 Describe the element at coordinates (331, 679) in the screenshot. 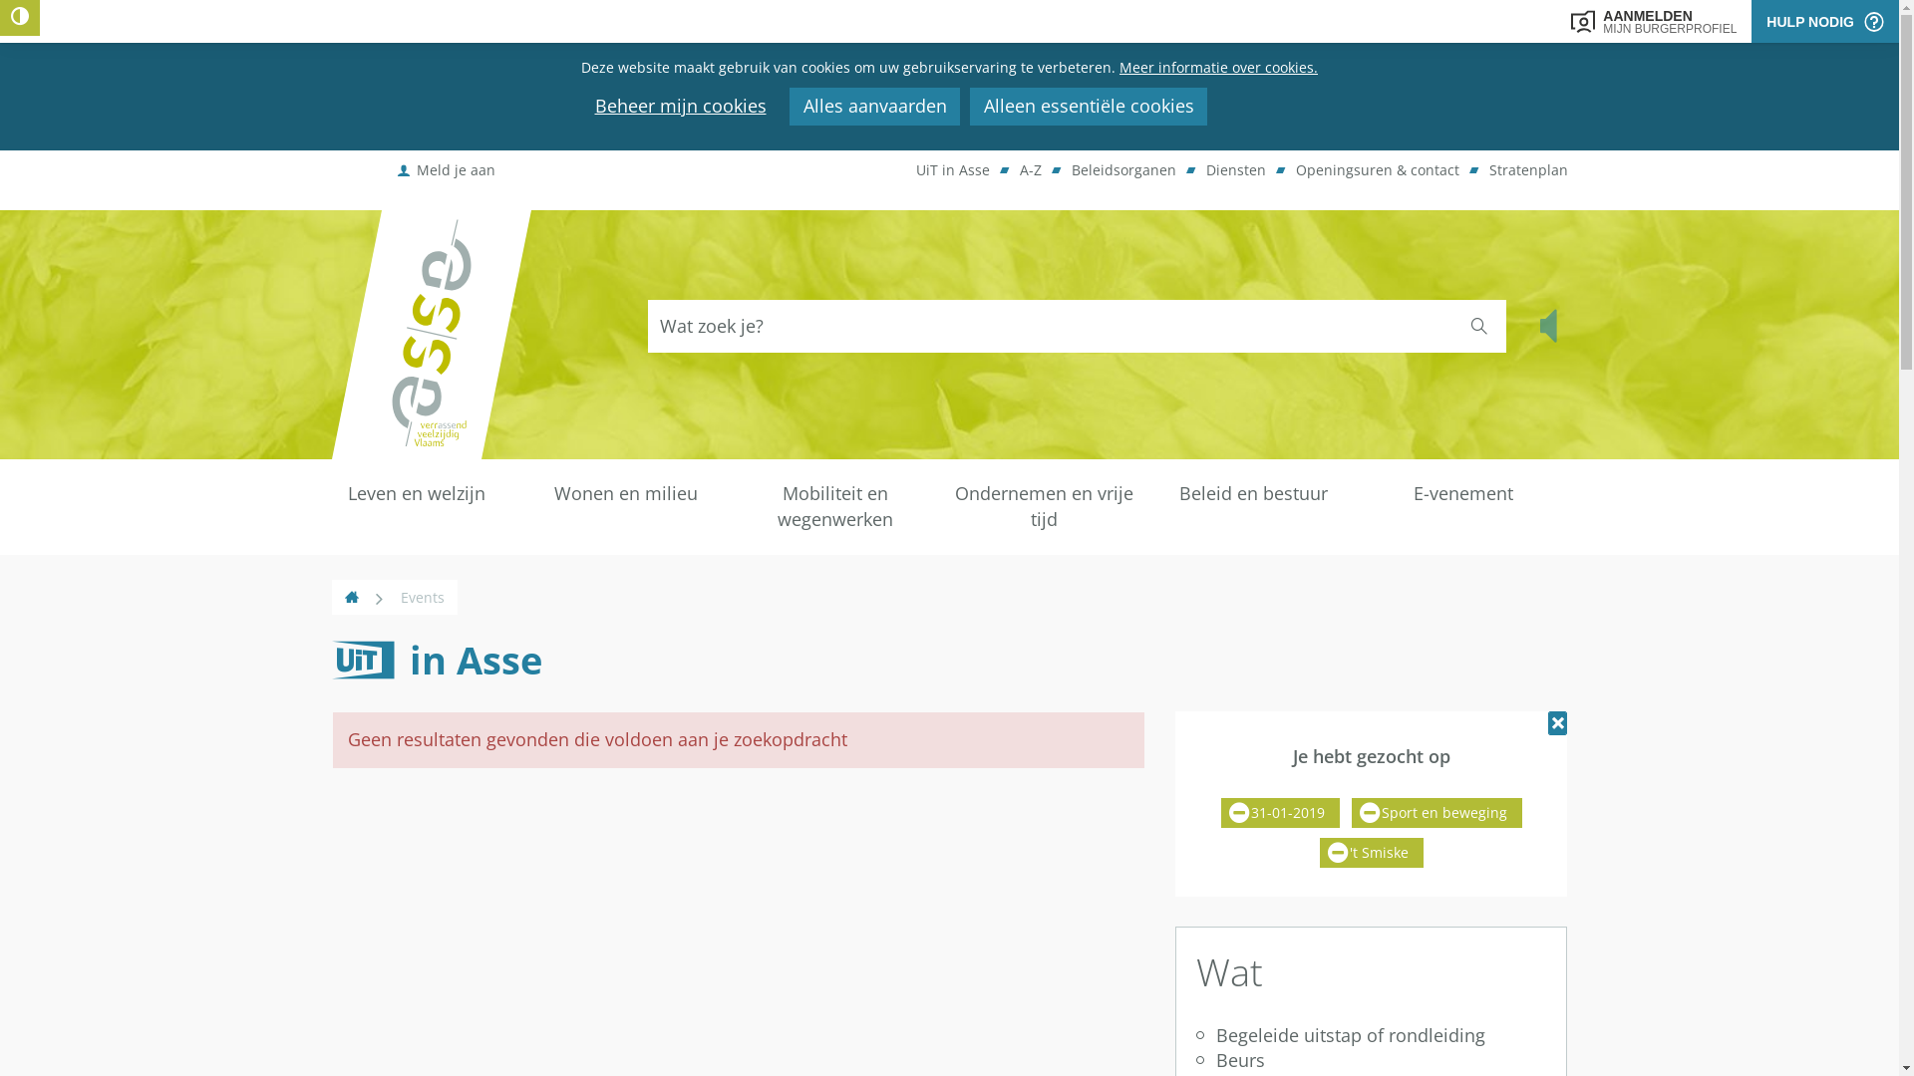

I see `'rss'` at that location.